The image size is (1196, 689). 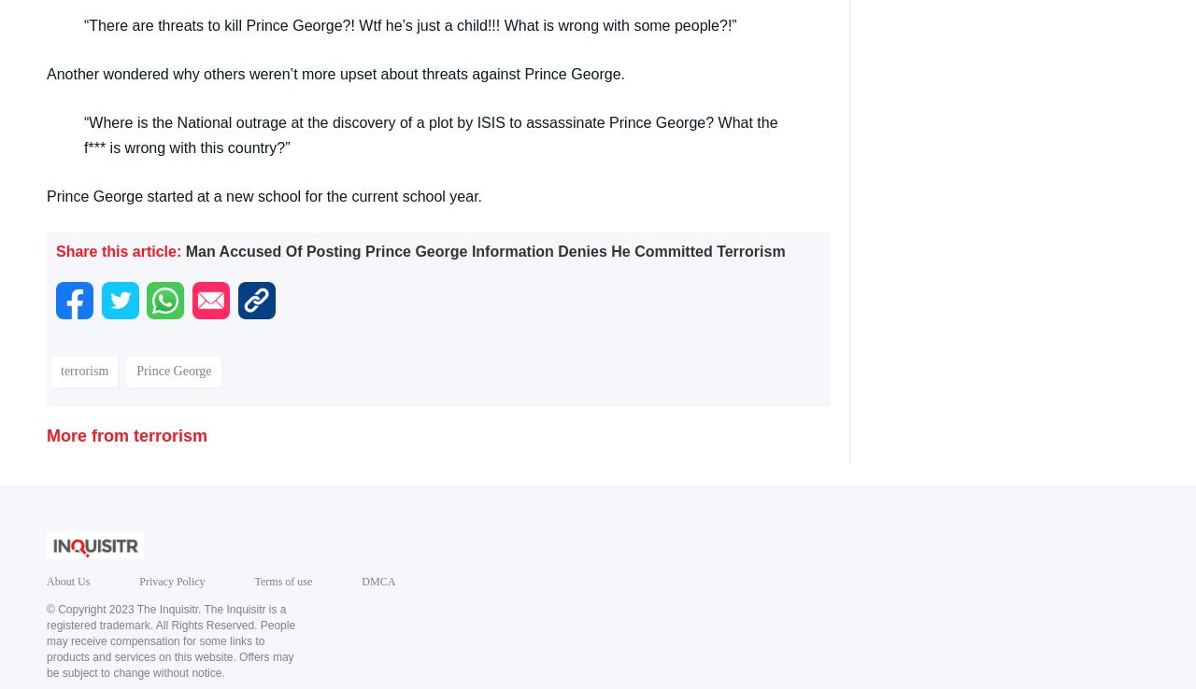 I want to click on 'Another wondered why others weren’t more upset about threats against Prince George.', so click(x=335, y=72).